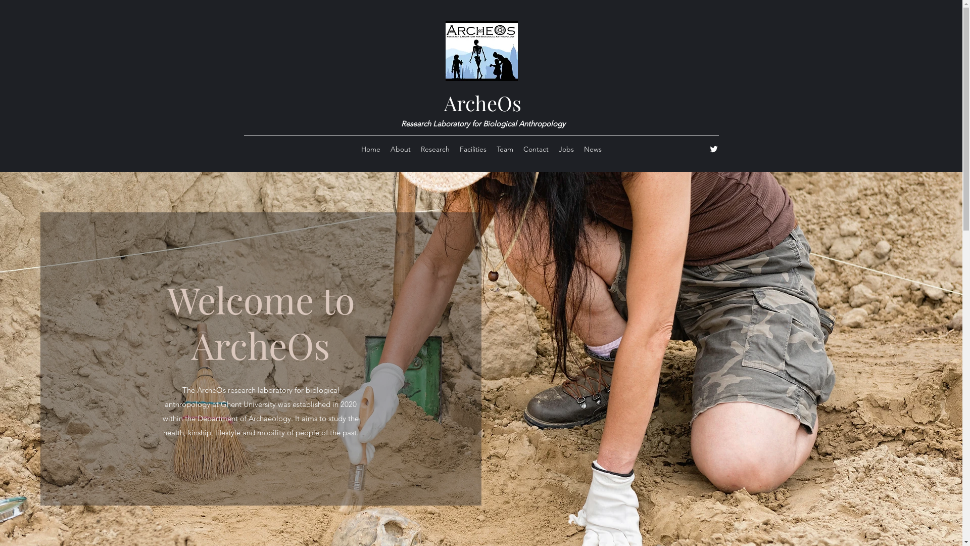 This screenshot has width=970, height=546. What do you see at coordinates (370, 149) in the screenshot?
I see `'Home'` at bounding box center [370, 149].